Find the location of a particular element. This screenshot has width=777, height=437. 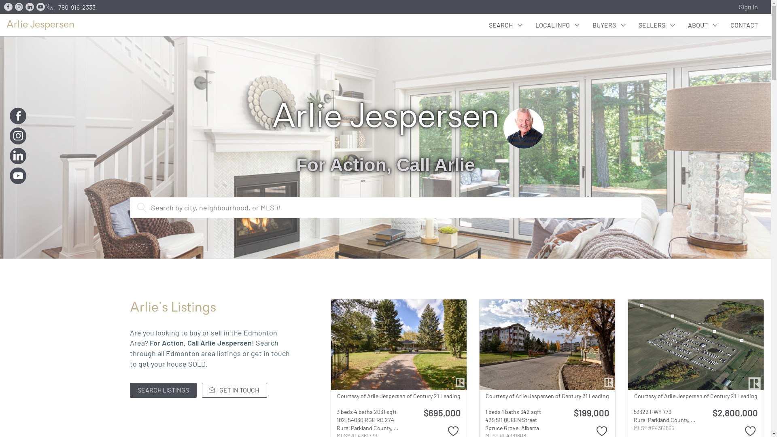

'780-916-2333' is located at coordinates (70, 6).